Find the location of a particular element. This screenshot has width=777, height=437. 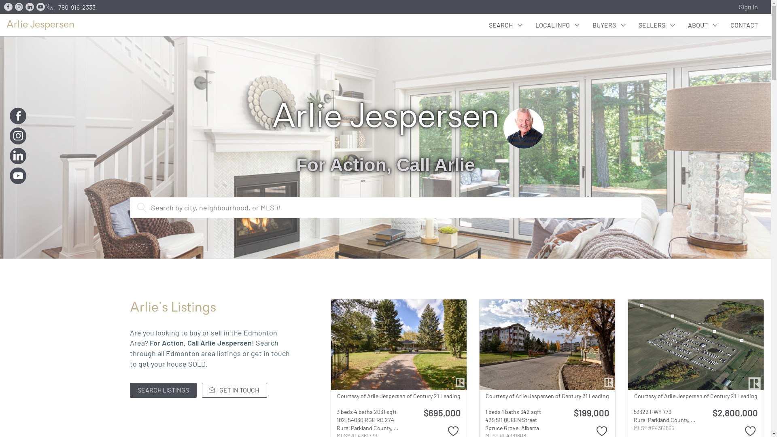

'780-916-2333' is located at coordinates (70, 6).